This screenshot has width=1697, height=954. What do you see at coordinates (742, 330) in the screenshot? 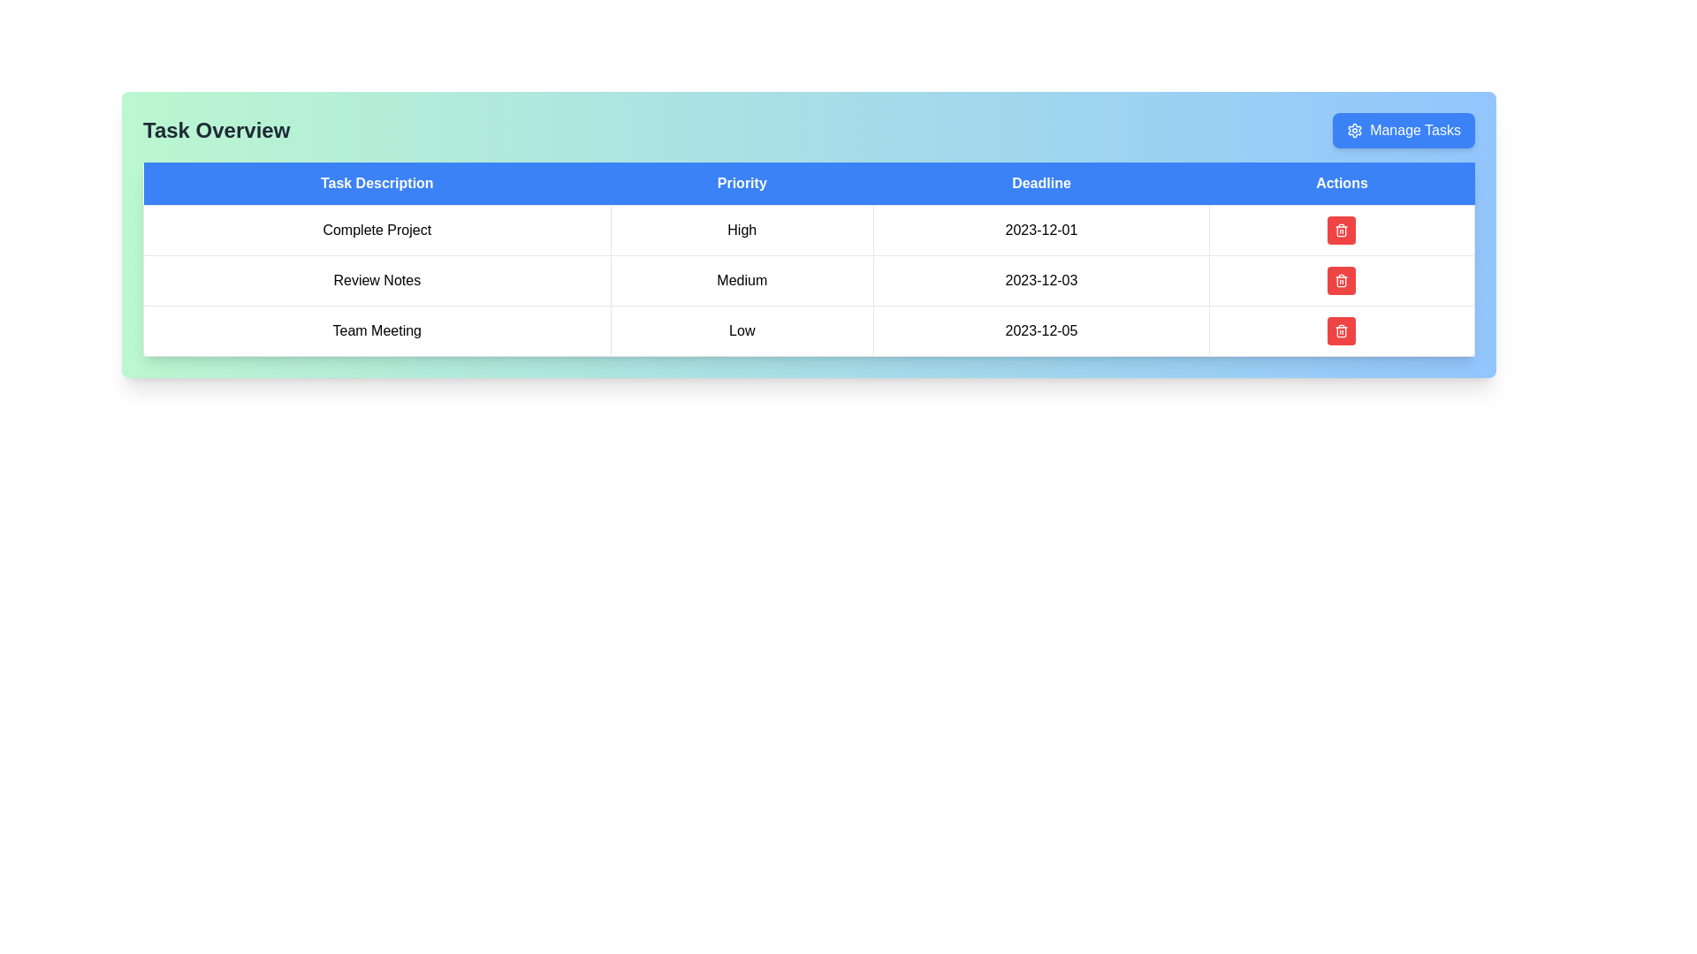
I see `the 'Low' priority text label for the 'Team Meeting' task in the table, which indicates the urgency level of the task` at bounding box center [742, 330].